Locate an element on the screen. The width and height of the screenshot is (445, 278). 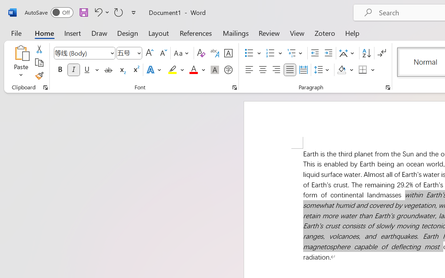
'Shrink Font' is located at coordinates (162, 53).